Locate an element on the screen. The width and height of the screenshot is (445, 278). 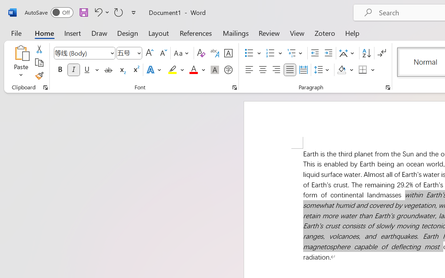
'Shrink Font' is located at coordinates (162, 53).